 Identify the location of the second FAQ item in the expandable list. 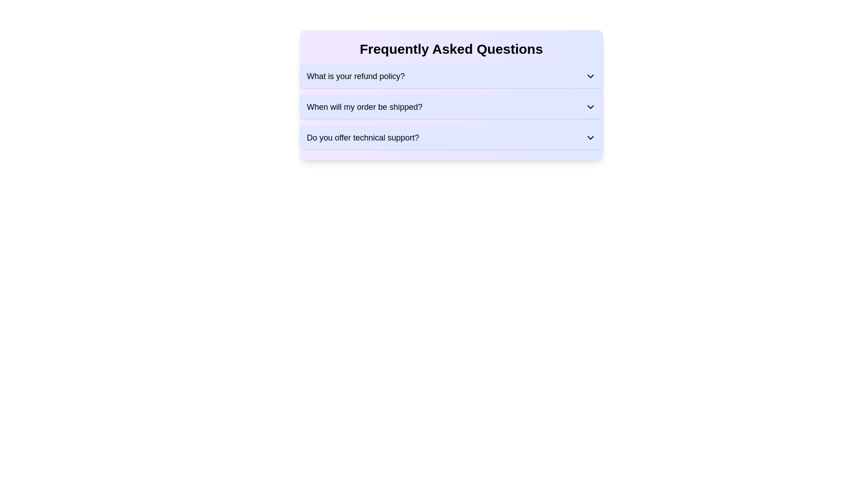
(451, 106).